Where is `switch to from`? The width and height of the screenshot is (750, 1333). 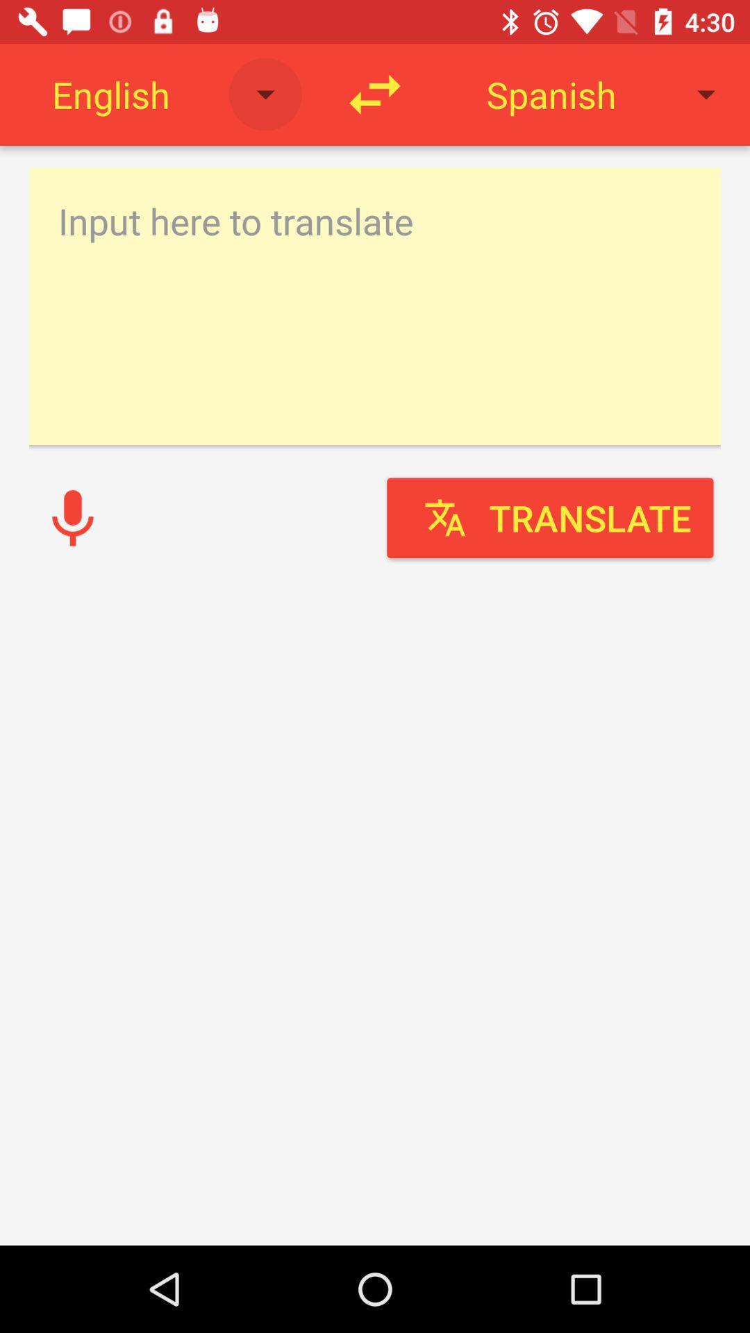
switch to from is located at coordinates (375, 94).